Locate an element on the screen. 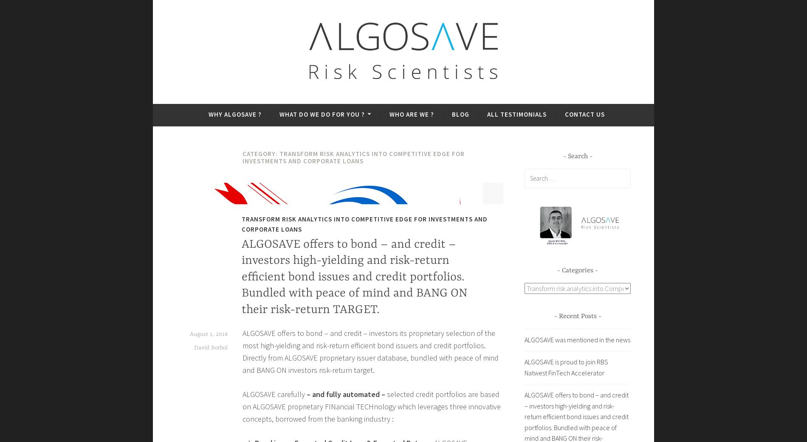  'ALGOSAVE was mentioned in the news' is located at coordinates (577, 340).